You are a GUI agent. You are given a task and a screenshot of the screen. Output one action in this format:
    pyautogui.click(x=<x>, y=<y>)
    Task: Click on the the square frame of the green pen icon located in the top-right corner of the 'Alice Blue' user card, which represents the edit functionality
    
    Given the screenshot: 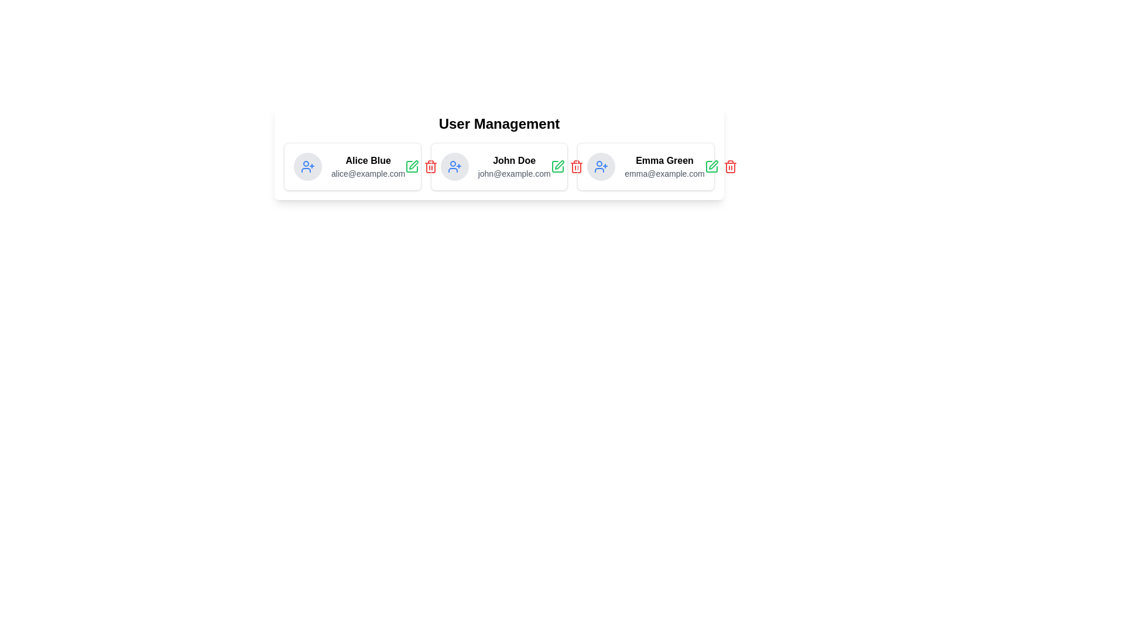 What is the action you would take?
    pyautogui.click(x=412, y=167)
    